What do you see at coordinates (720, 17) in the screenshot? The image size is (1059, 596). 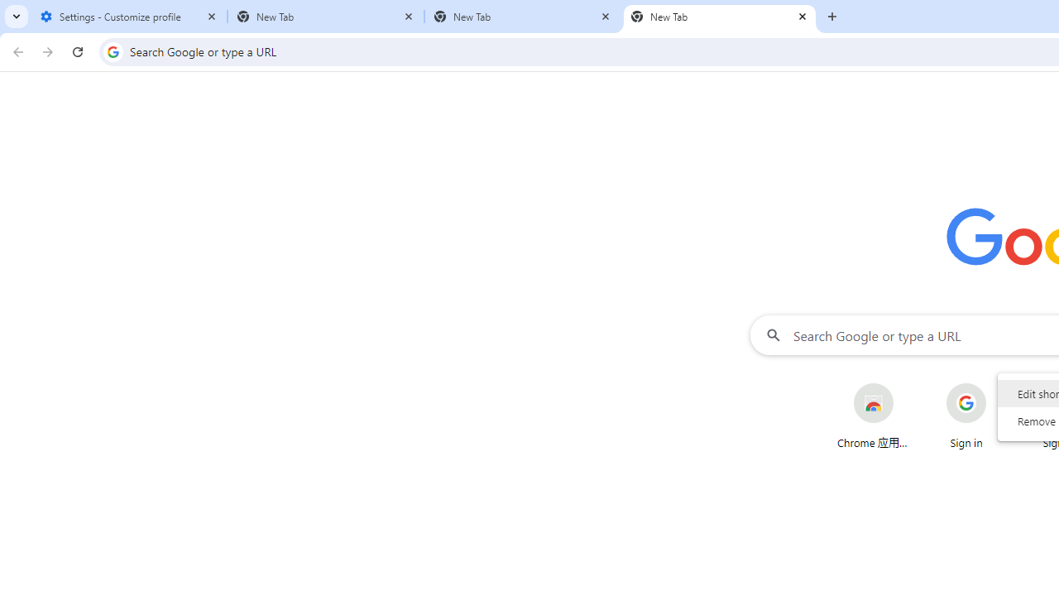 I see `'New Tab'` at bounding box center [720, 17].